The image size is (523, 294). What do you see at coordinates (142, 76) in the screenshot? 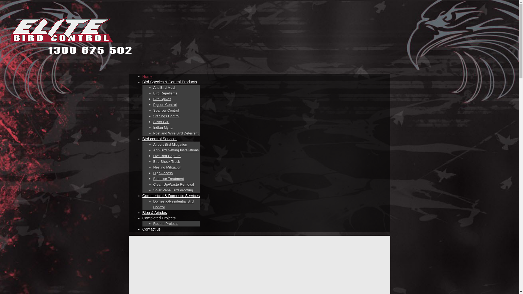
I see `'Home'` at bounding box center [142, 76].